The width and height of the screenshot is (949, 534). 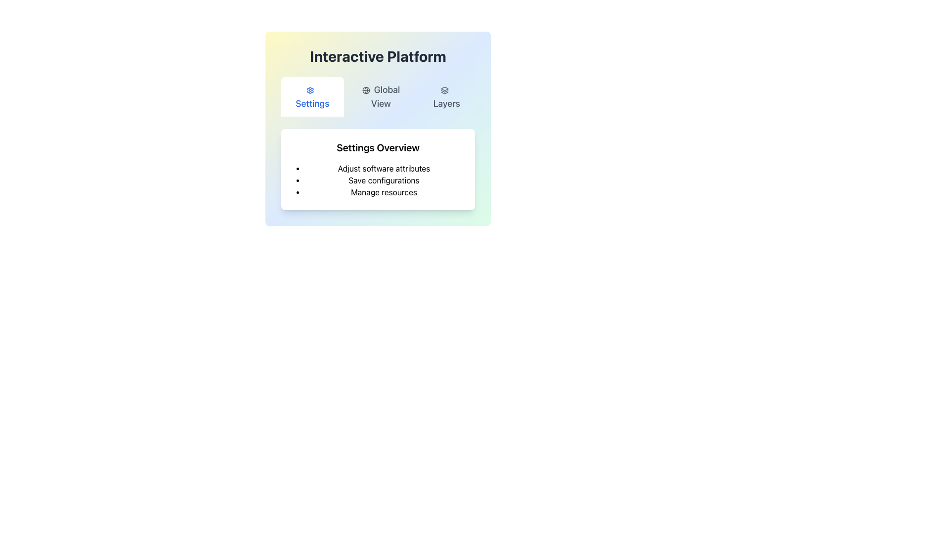 What do you see at coordinates (384, 180) in the screenshot?
I see `the text label reading 'Save configurations', which is the second item in the vertical bulleted list under 'Settings Overview'` at bounding box center [384, 180].